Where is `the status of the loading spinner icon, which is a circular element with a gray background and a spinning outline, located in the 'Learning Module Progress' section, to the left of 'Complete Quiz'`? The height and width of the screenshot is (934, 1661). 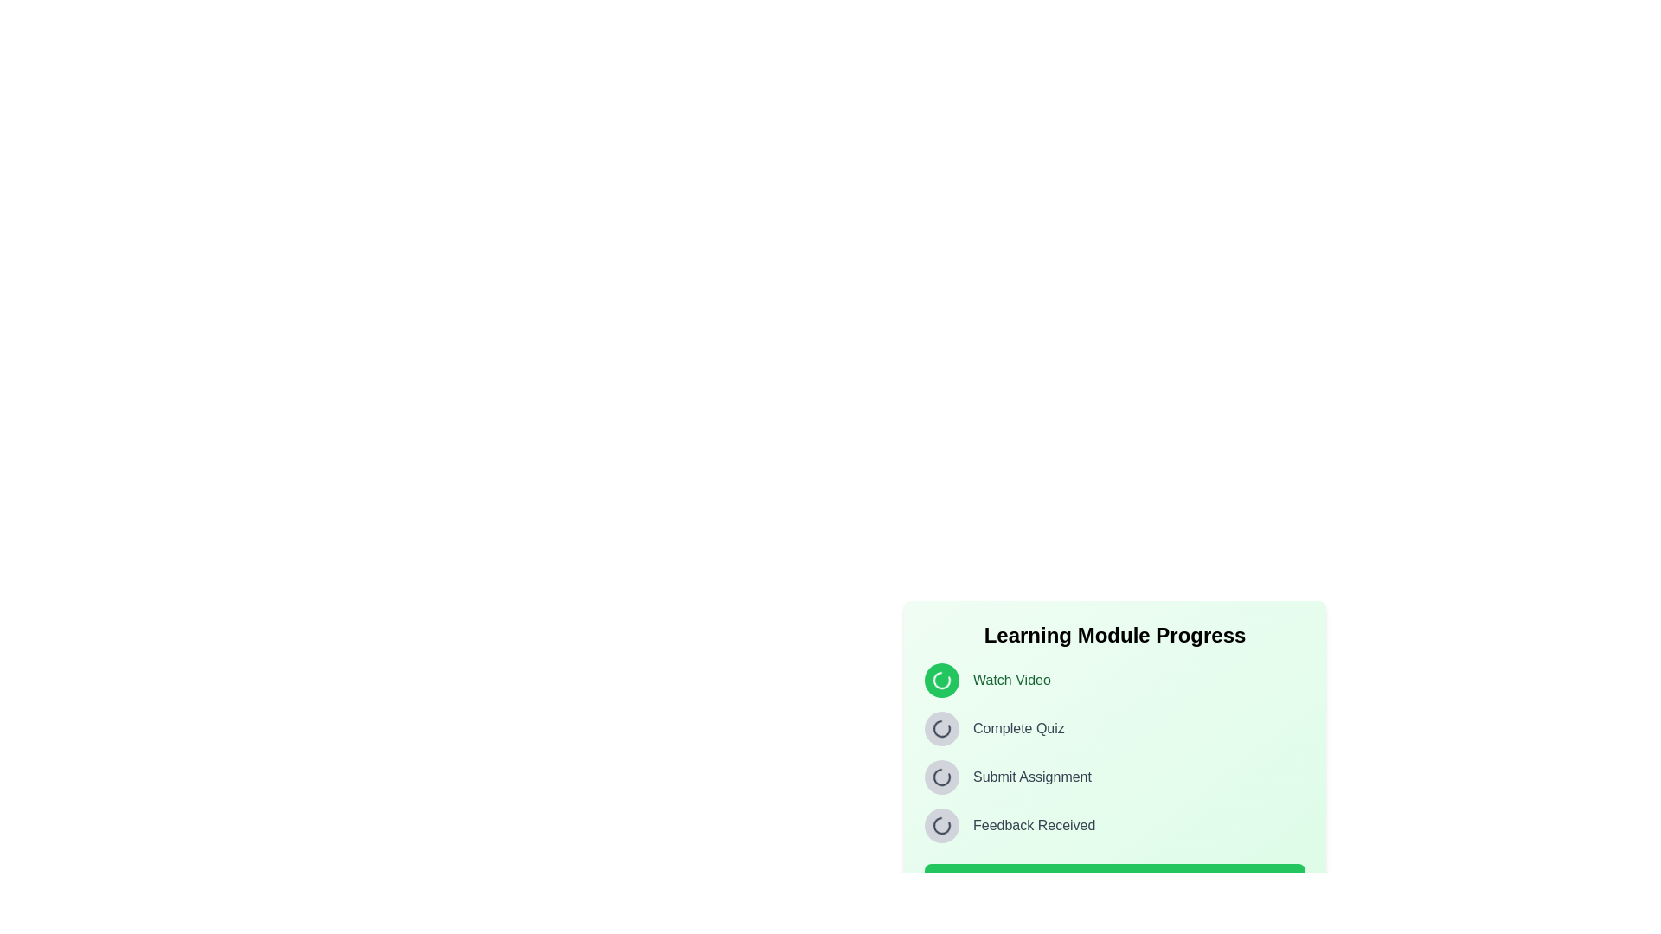 the status of the loading spinner icon, which is a circular element with a gray background and a spinning outline, located in the 'Learning Module Progress' section, to the left of 'Complete Quiz' is located at coordinates (941, 729).